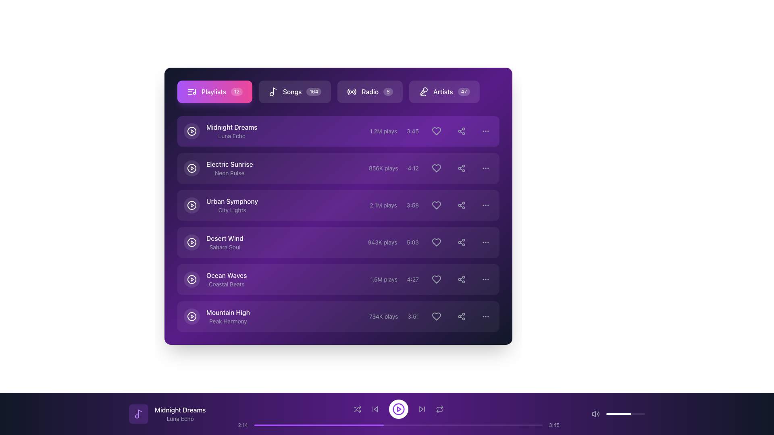 The height and width of the screenshot is (435, 774). I want to click on the favorite button located in the row for the track 'Desert Wind', so click(436, 242).